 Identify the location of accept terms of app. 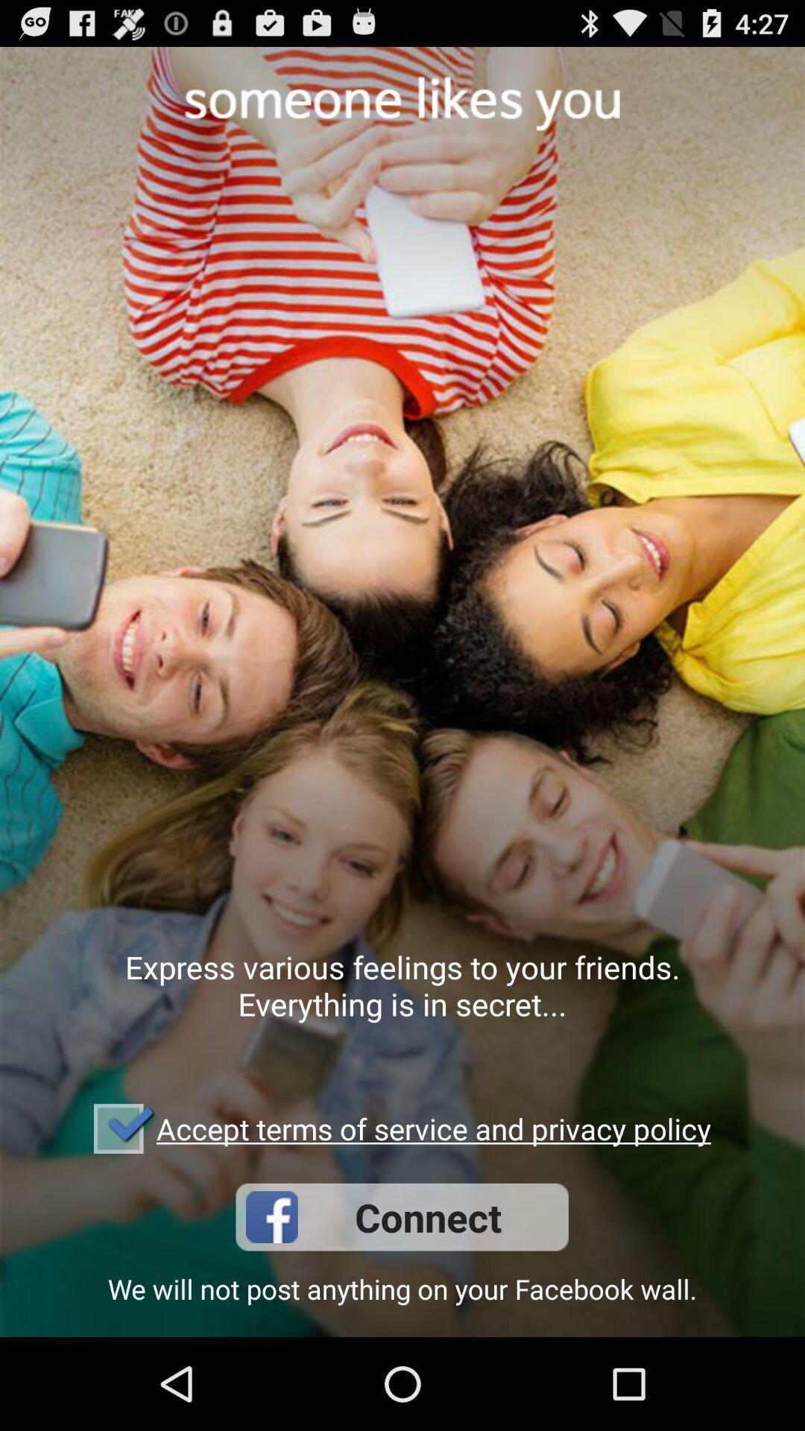
(434, 1128).